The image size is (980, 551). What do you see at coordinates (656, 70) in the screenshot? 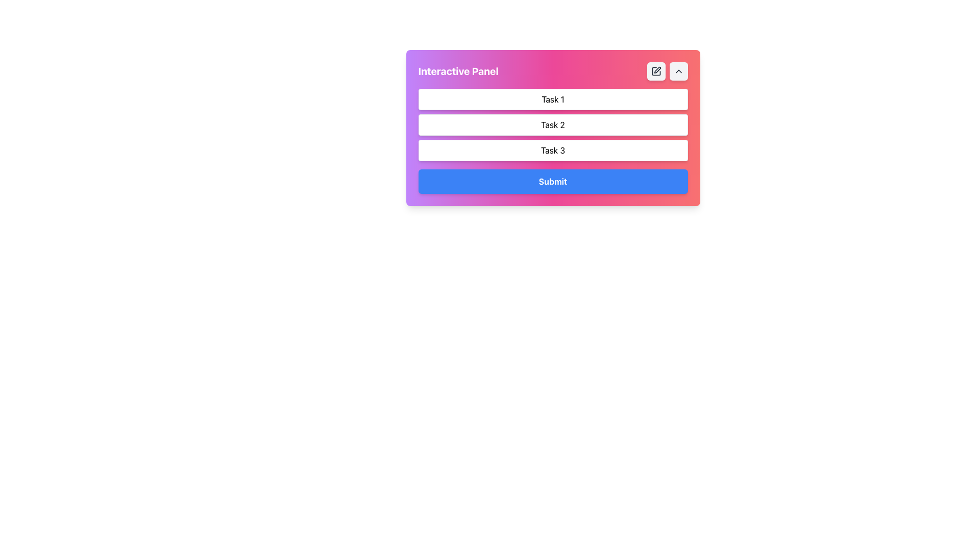
I see `the square button with a light gray background and a black pen icon located at the top-right corner of the panel` at bounding box center [656, 70].